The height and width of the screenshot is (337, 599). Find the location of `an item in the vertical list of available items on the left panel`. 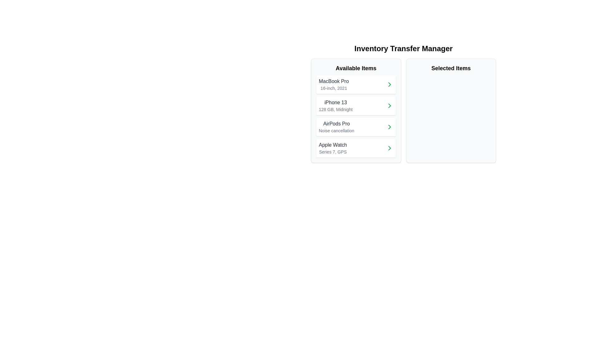

an item in the vertical list of available items on the left panel is located at coordinates (356, 116).